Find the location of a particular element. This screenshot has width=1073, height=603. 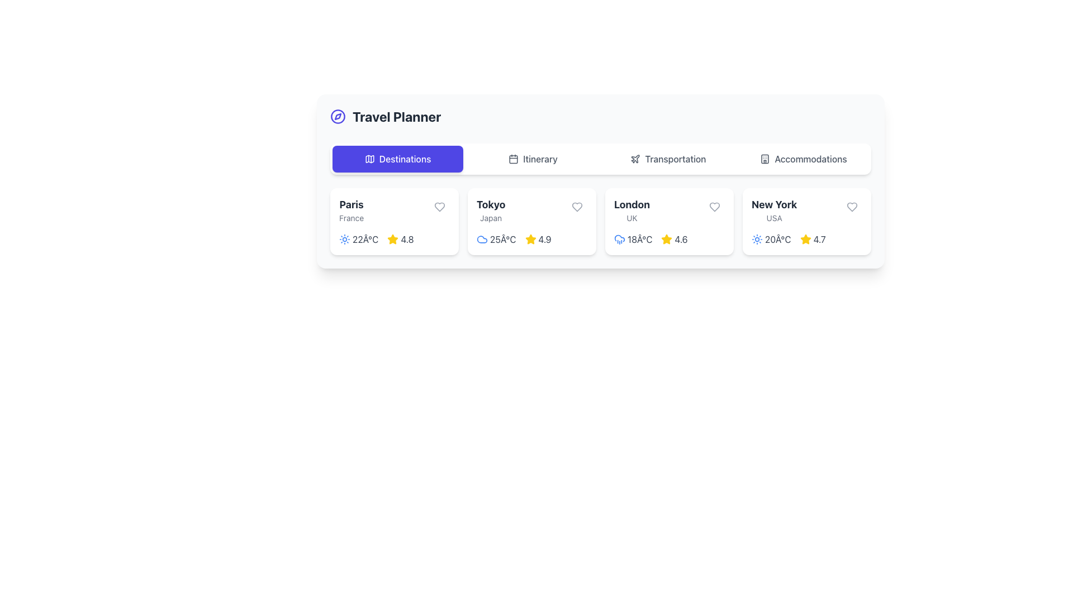

the text label displaying the word 'London', which is bold and larger in font size, located in the third card from the left in a row of destination cards is located at coordinates (632, 204).